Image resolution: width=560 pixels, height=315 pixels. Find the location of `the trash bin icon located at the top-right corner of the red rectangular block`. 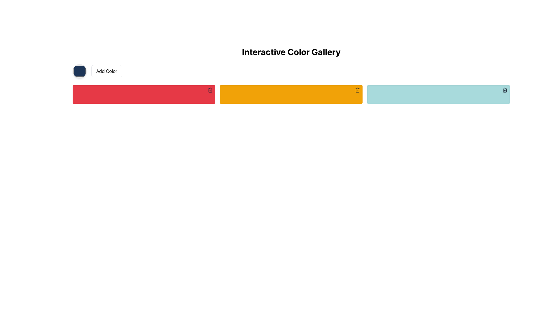

the trash bin icon located at the top-right corner of the red rectangular block is located at coordinates (210, 90).